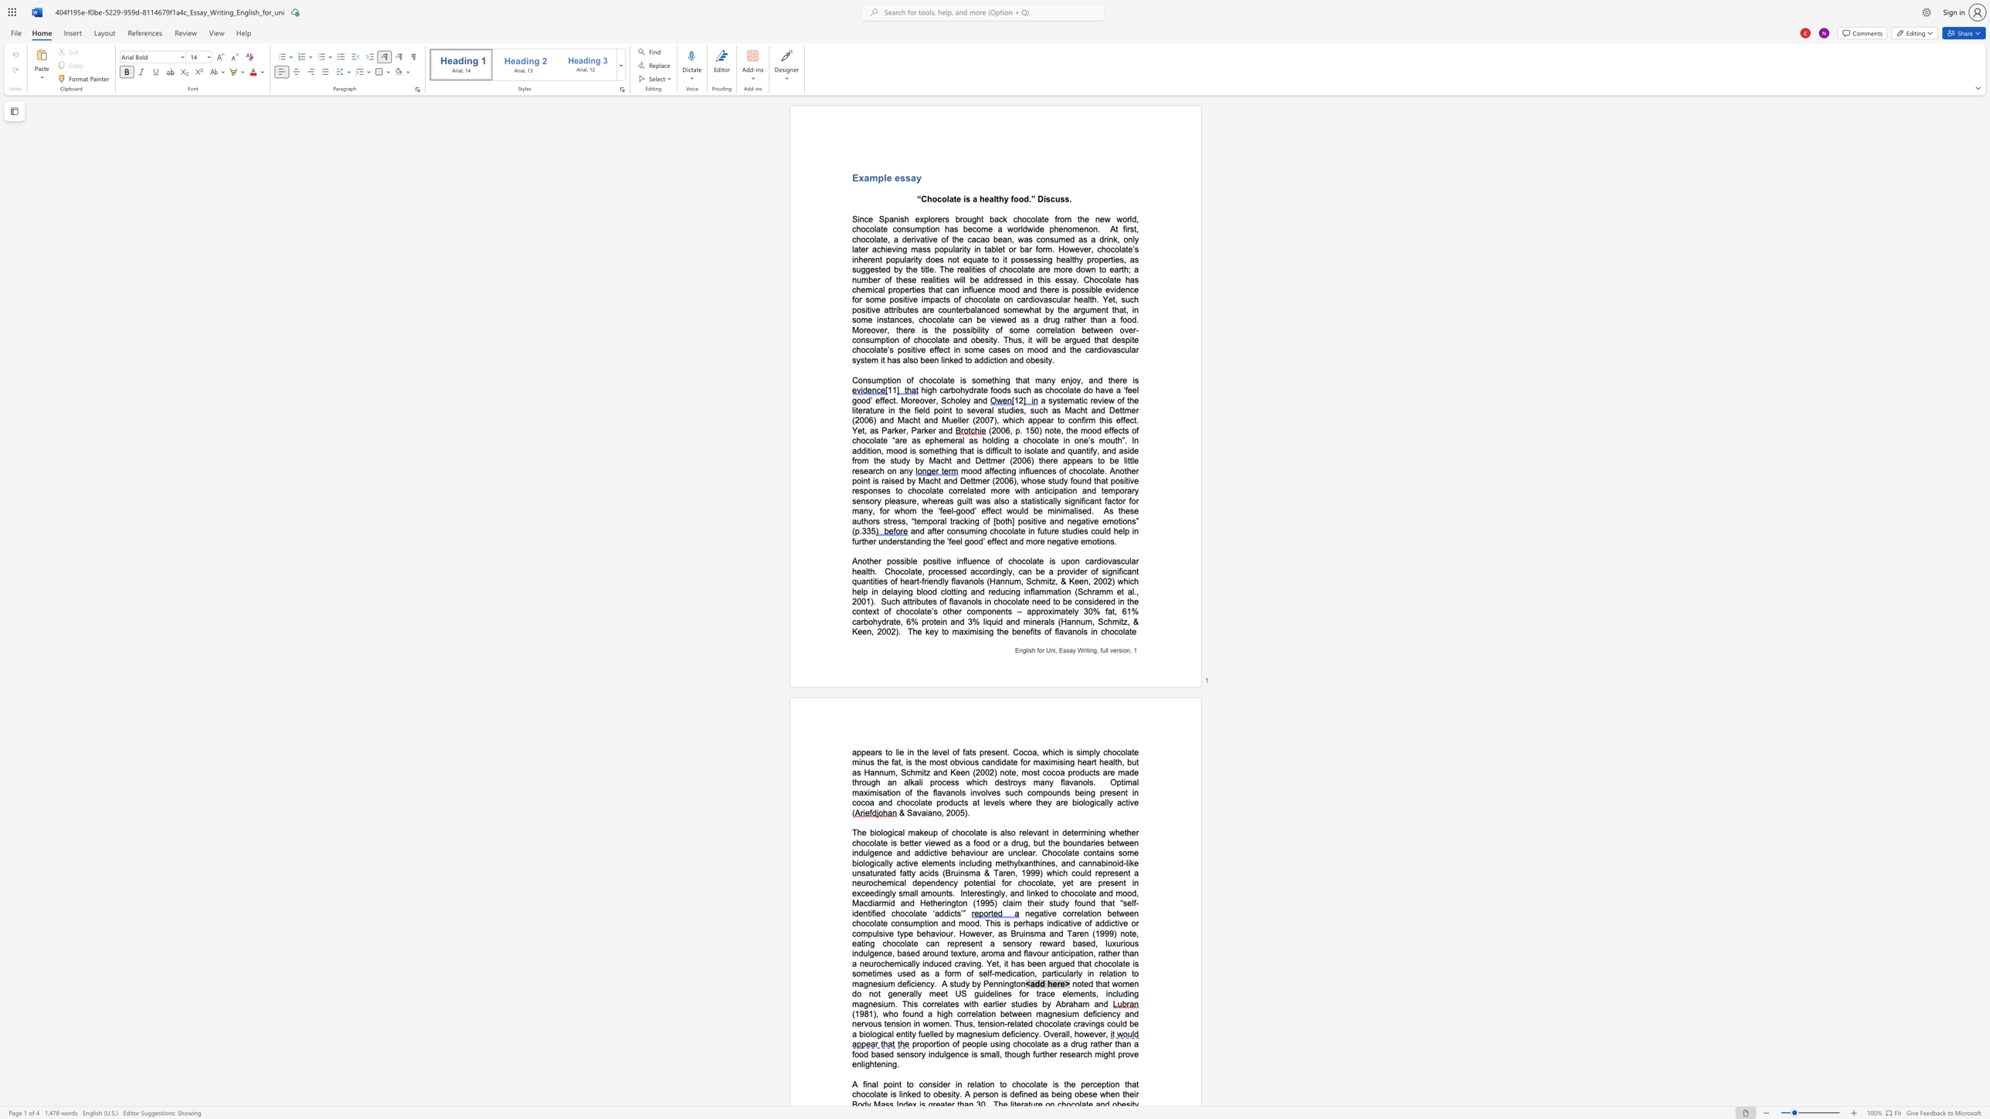 The image size is (1990, 1119). What do you see at coordinates (1039, 360) in the screenshot?
I see `the subset text "sity" within the text "em it has also been linked to addiction and obesity."` at bounding box center [1039, 360].